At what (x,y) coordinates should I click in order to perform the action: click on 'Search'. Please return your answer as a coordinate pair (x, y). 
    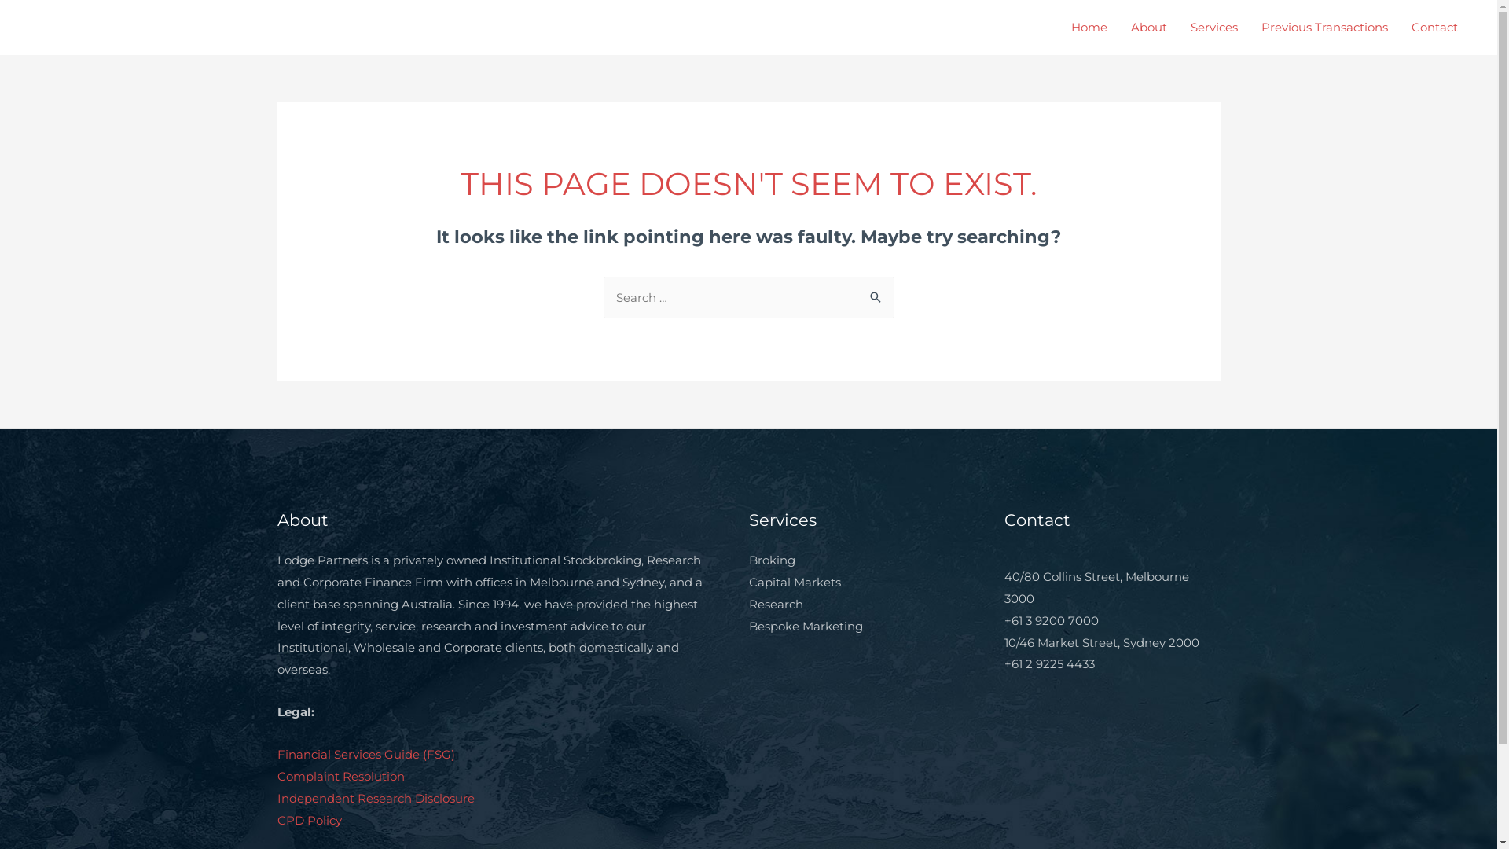
    Looking at the image, I should click on (875, 292).